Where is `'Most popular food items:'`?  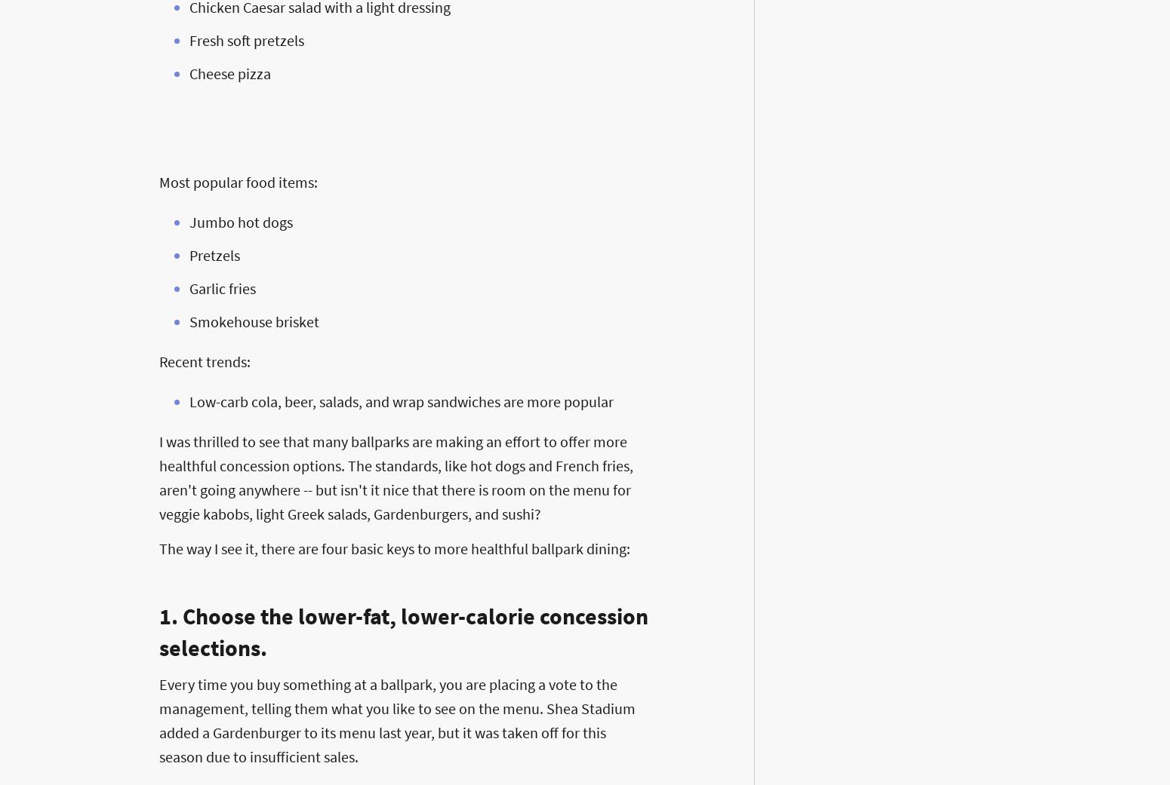 'Most popular food items:' is located at coordinates (238, 181).